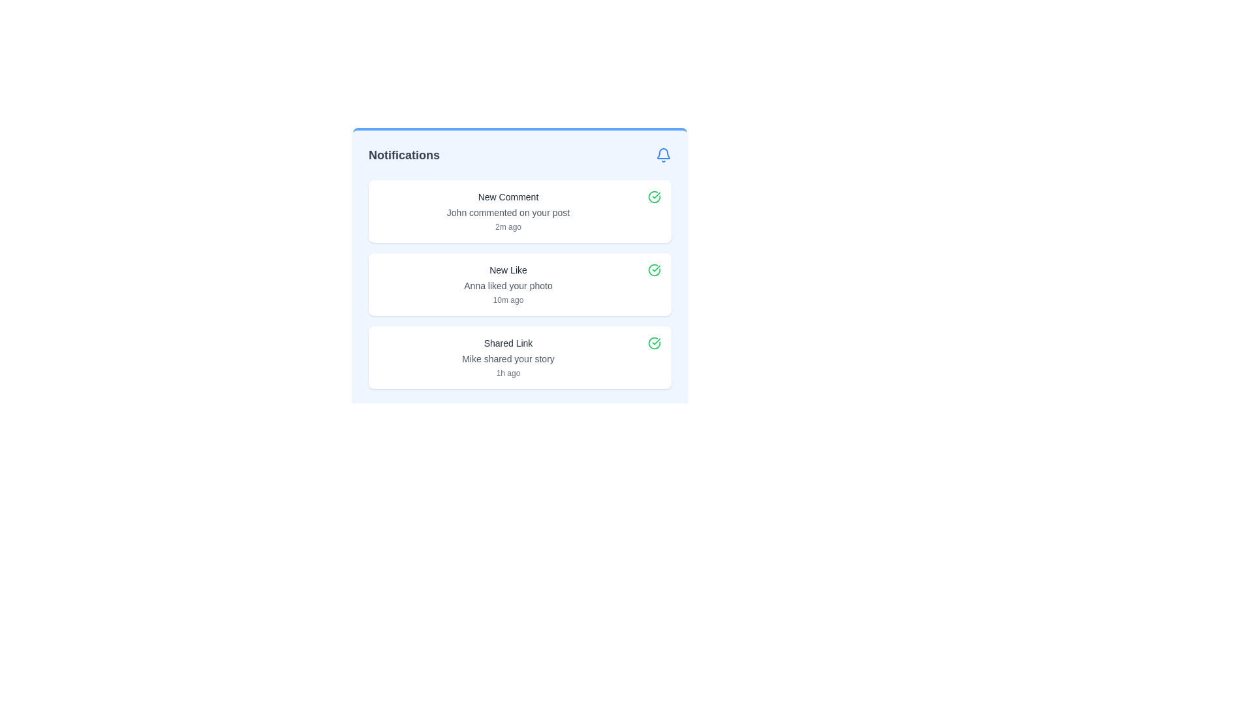 The image size is (1253, 705). I want to click on the text label reading '2m ago' located at the bottom of the 'New Comment' notification card, which is below the message text 'John commented on your post', so click(507, 226).